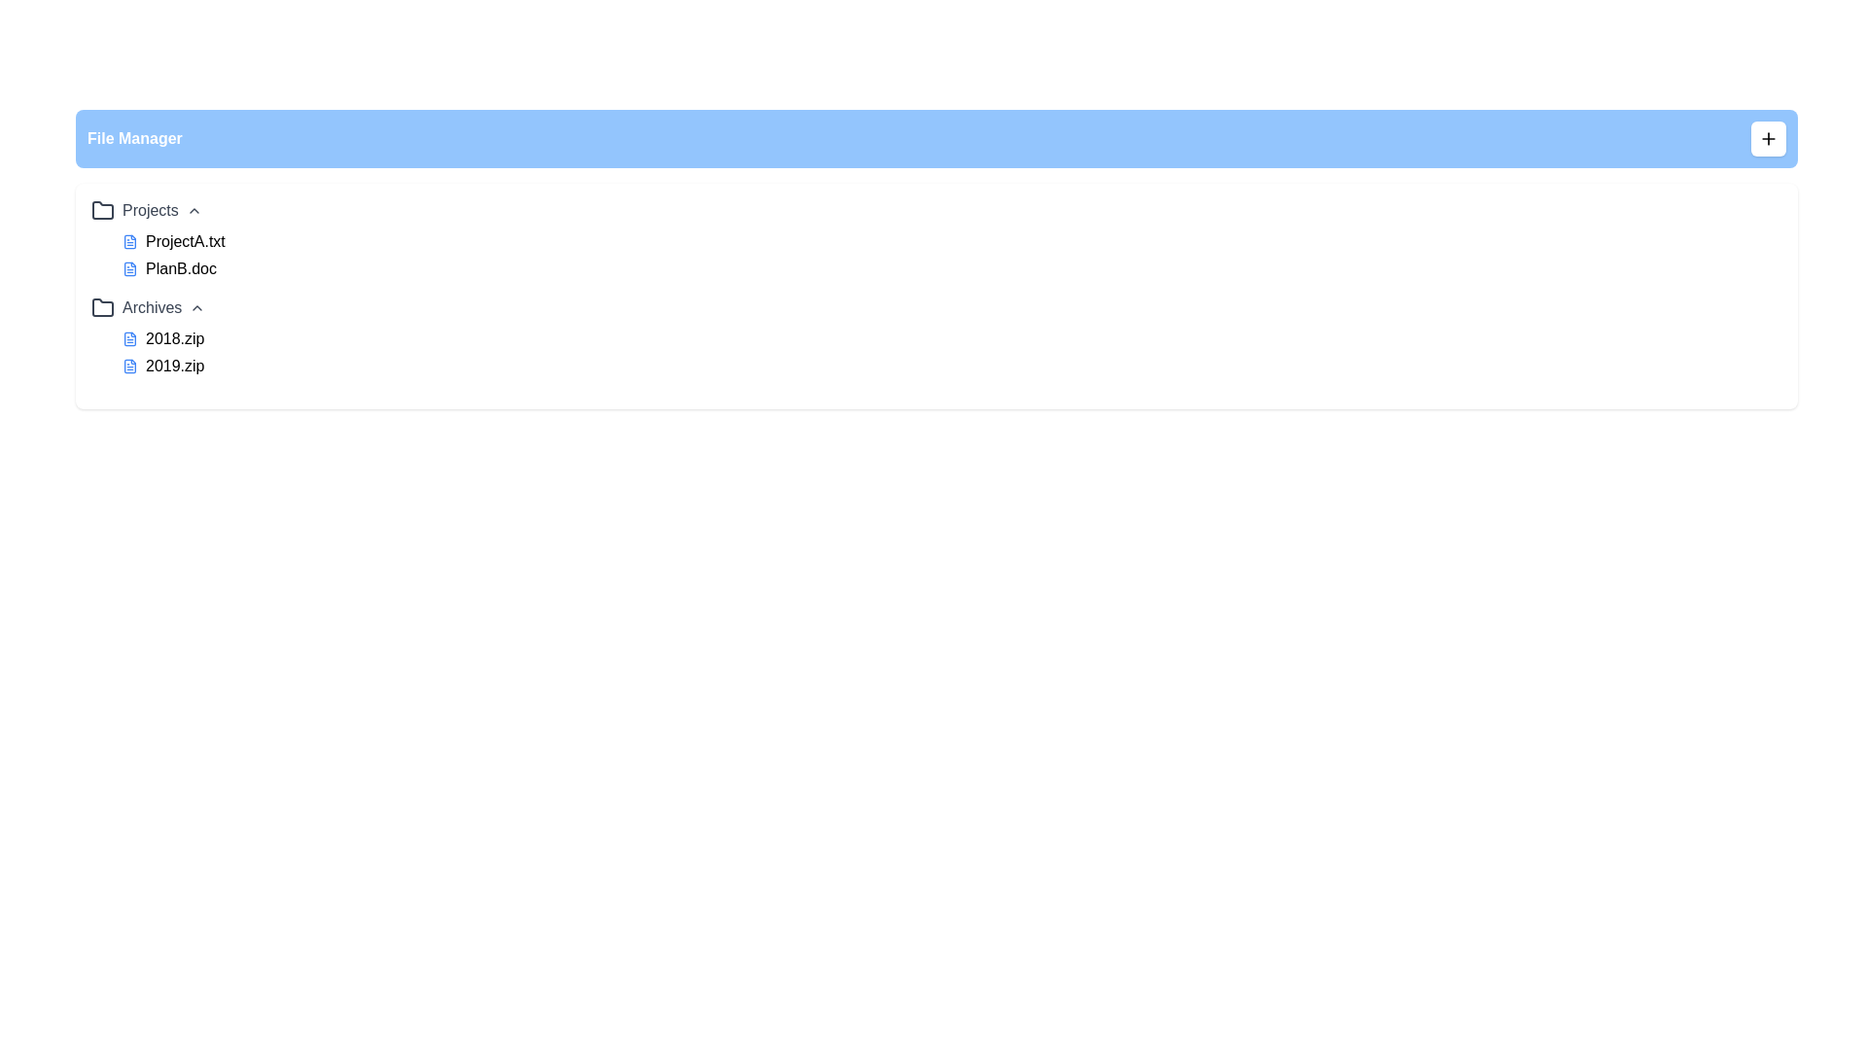 This screenshot has height=1050, width=1867. Describe the element at coordinates (151, 306) in the screenshot. I see `the 'Archives' text label in the file manager module, which indicates the name and purpose of the folder, located under the 'Projects' section` at that location.